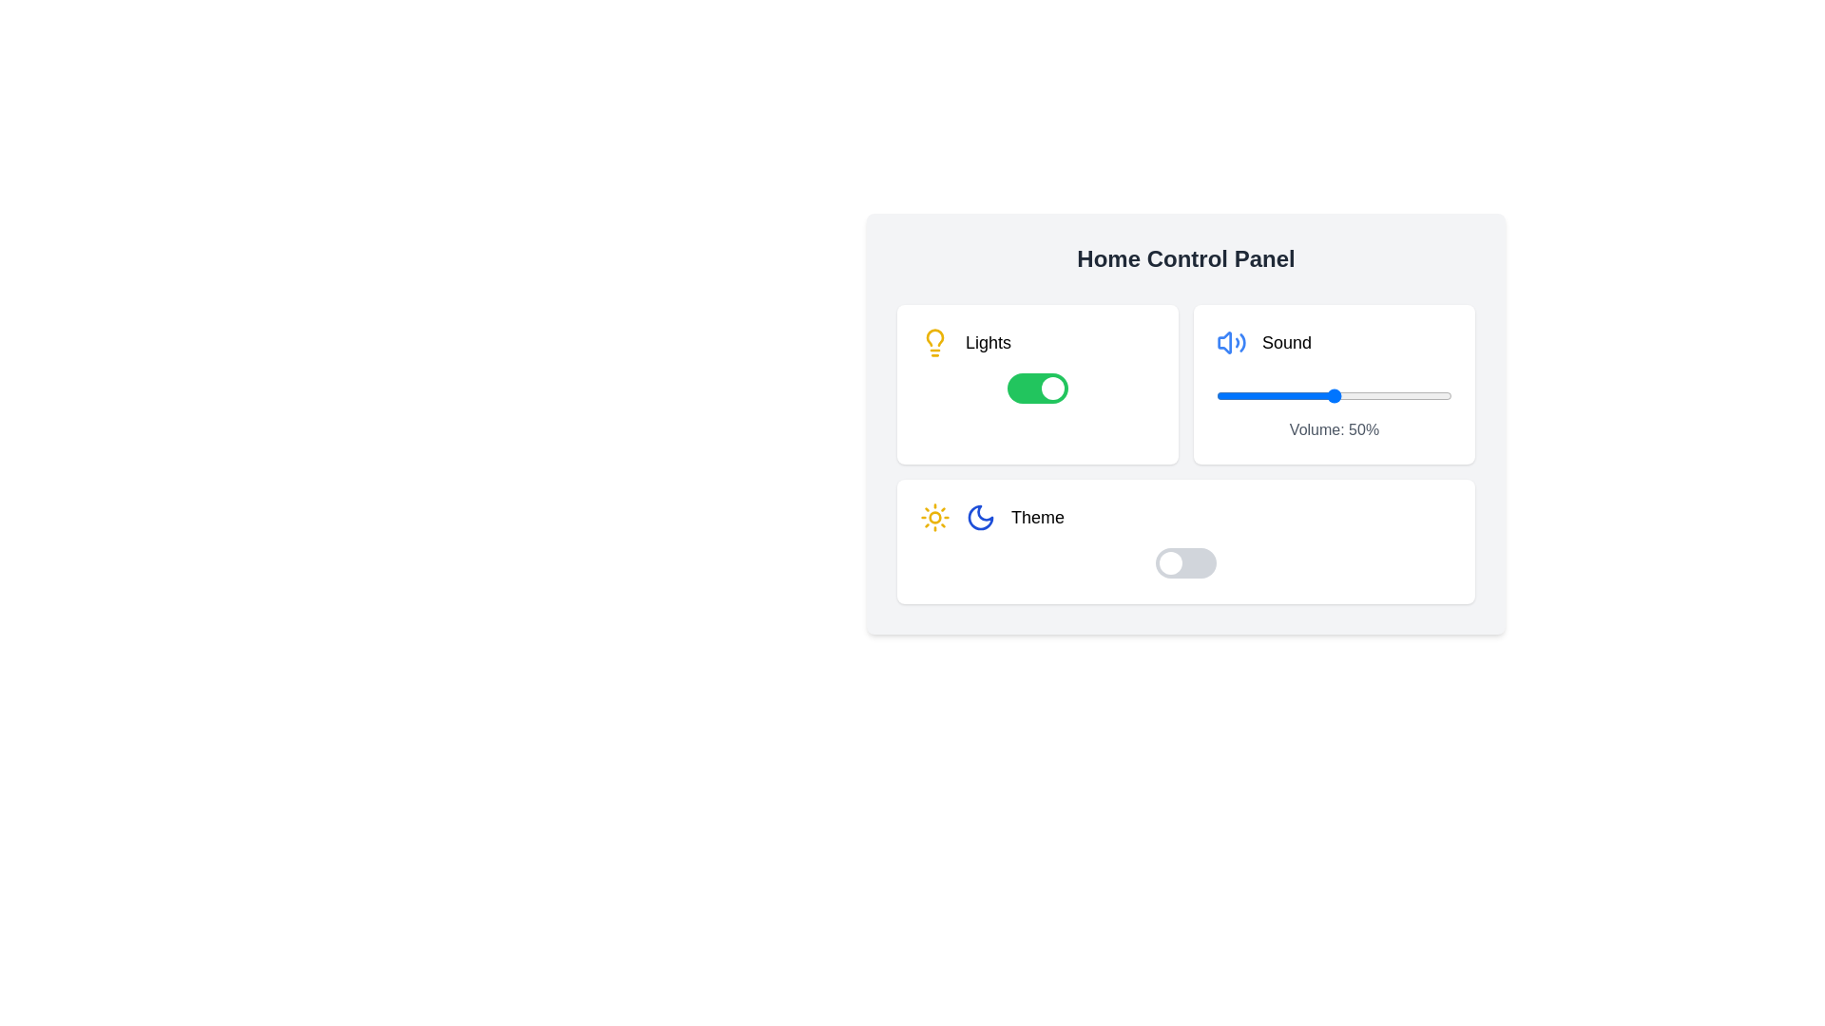 The image size is (1825, 1026). I want to click on the volume, so click(1335, 394).